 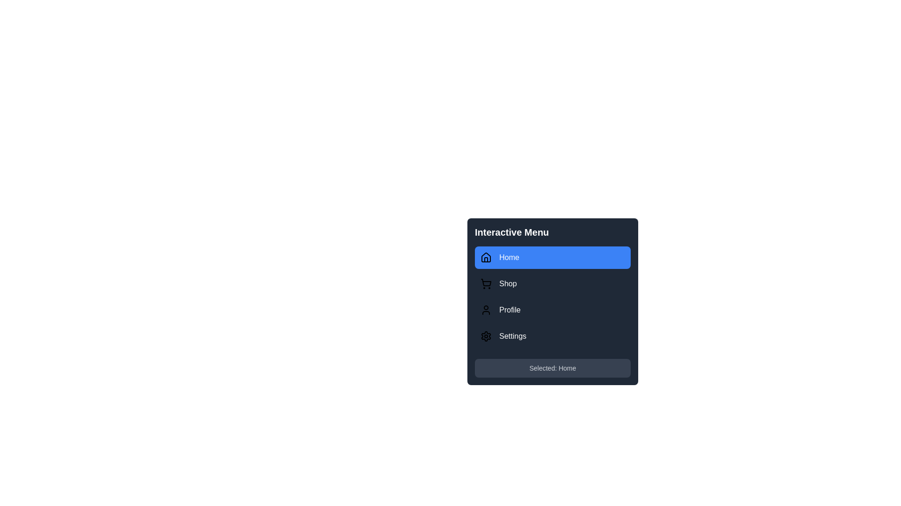 What do you see at coordinates (552, 258) in the screenshot?
I see `the navigation button at the top of the vertical menu list` at bounding box center [552, 258].